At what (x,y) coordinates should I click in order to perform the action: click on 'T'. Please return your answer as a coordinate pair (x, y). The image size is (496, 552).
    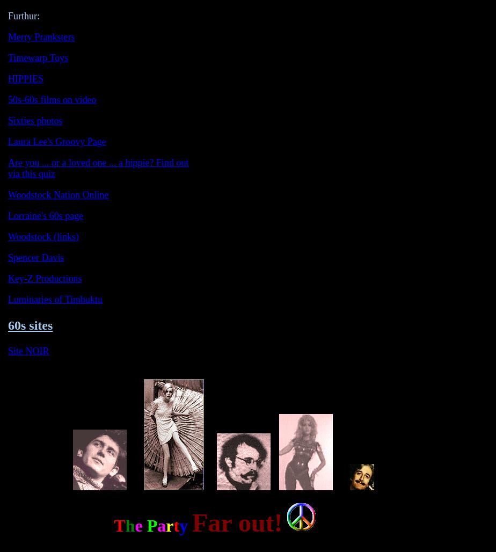
    Looking at the image, I should click on (119, 525).